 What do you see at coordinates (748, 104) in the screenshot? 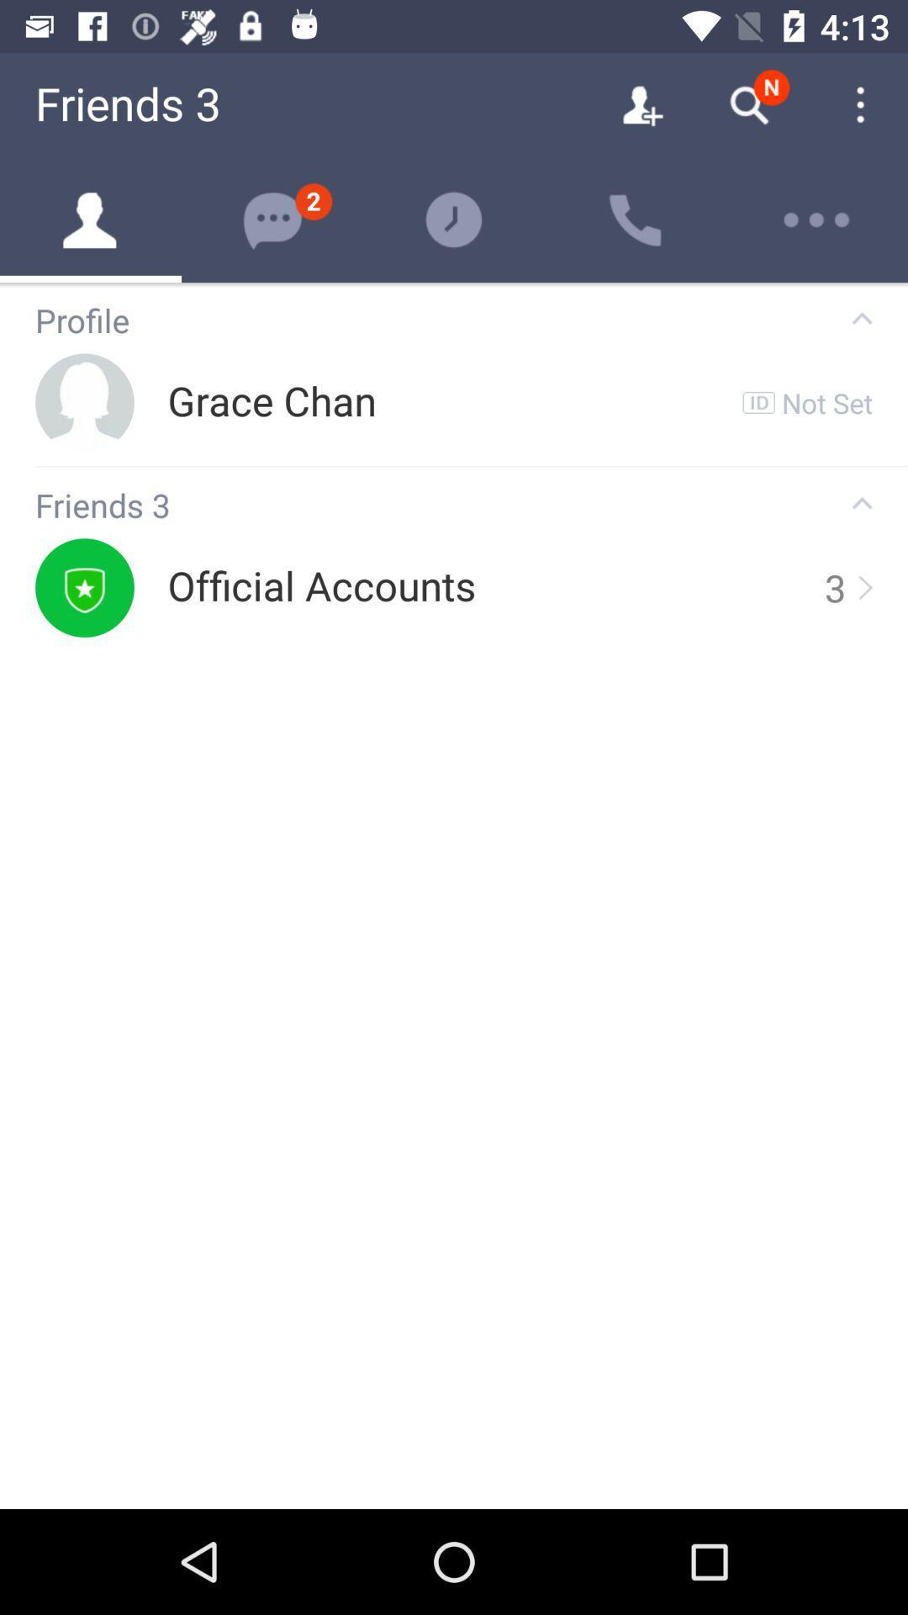
I see `the search icon` at bounding box center [748, 104].